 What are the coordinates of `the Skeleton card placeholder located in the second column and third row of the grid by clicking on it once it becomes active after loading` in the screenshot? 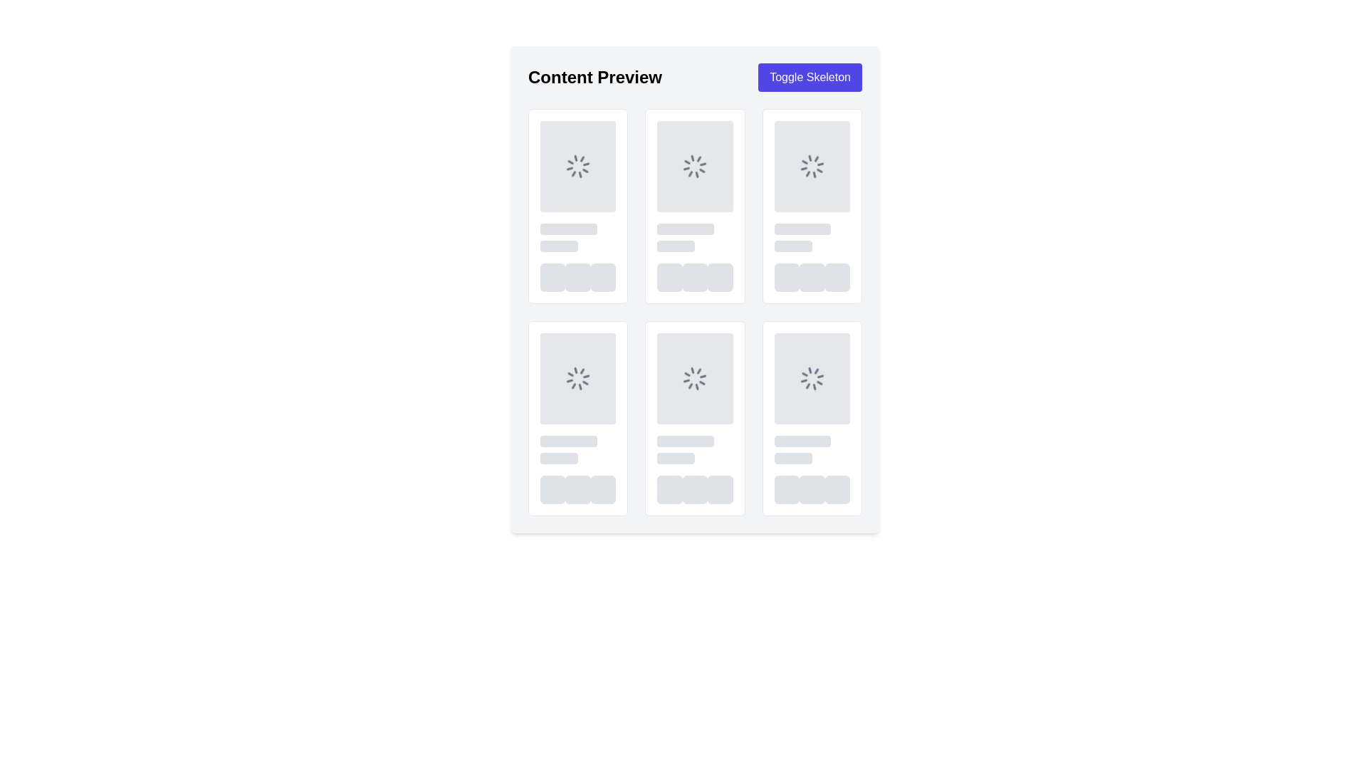 It's located at (695, 417).